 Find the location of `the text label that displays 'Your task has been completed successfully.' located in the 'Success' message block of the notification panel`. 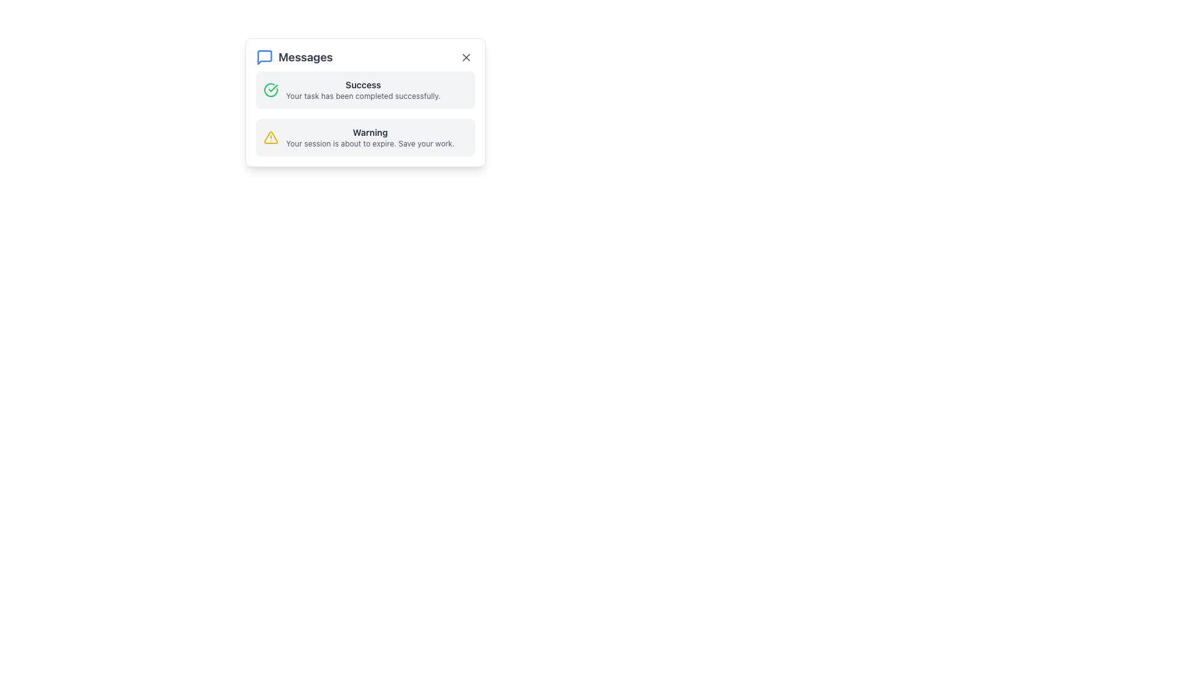

the text label that displays 'Your task has been completed successfully.' located in the 'Success' message block of the notification panel is located at coordinates (362, 96).